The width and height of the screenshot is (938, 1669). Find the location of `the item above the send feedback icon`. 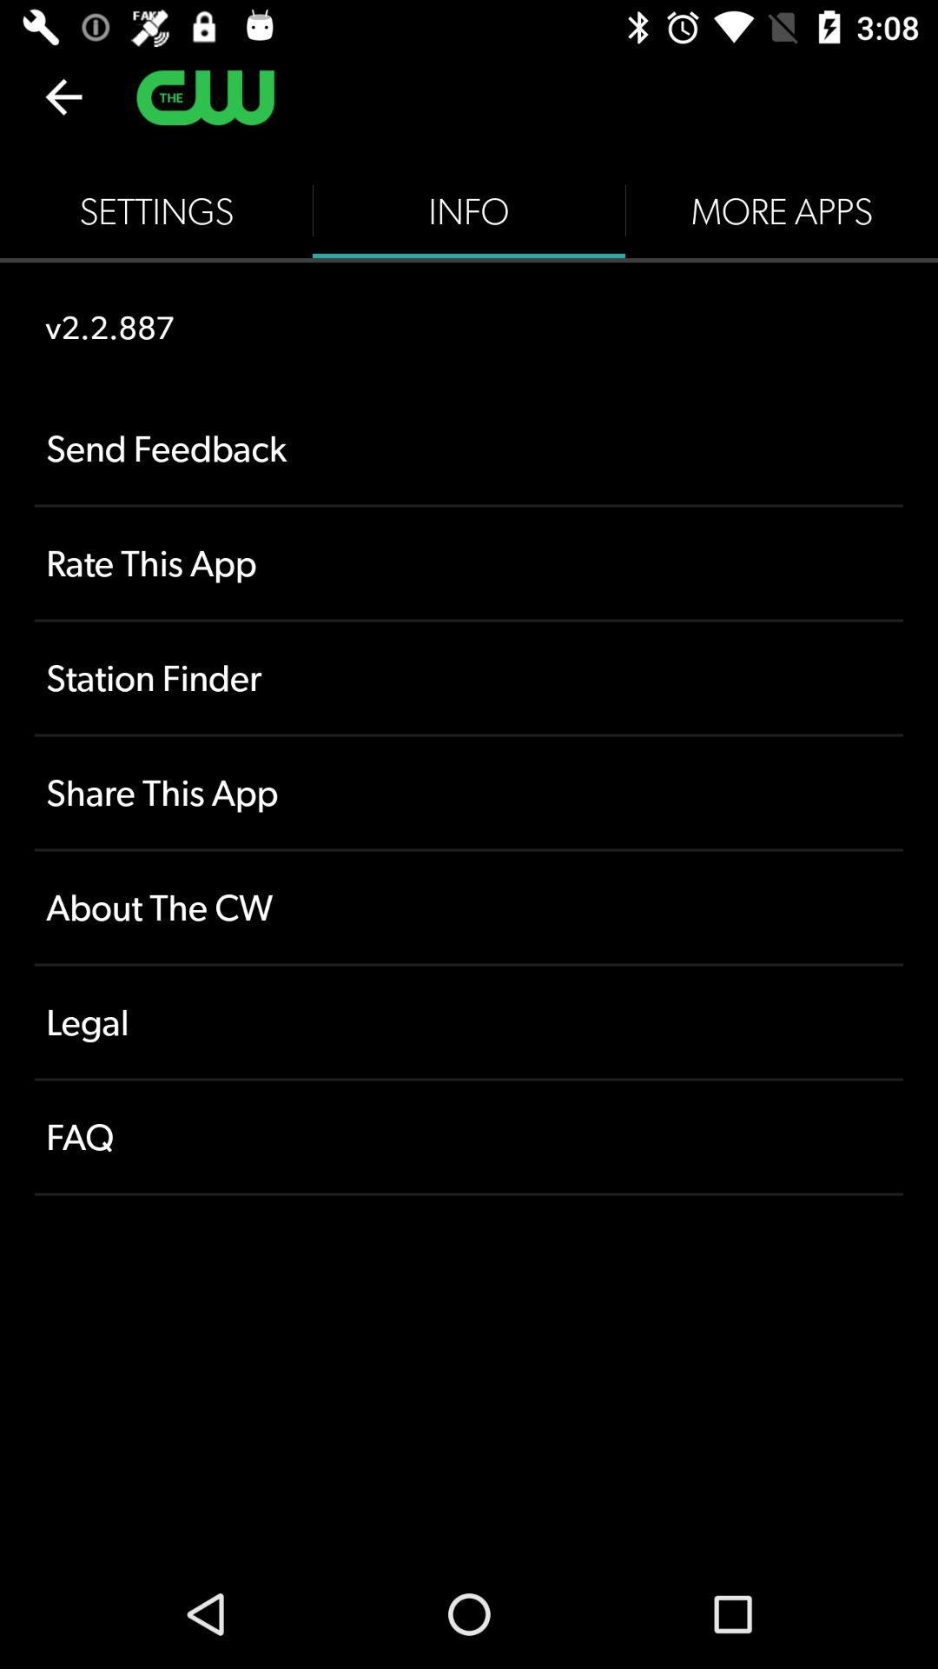

the item above the send feedback icon is located at coordinates (469, 210).